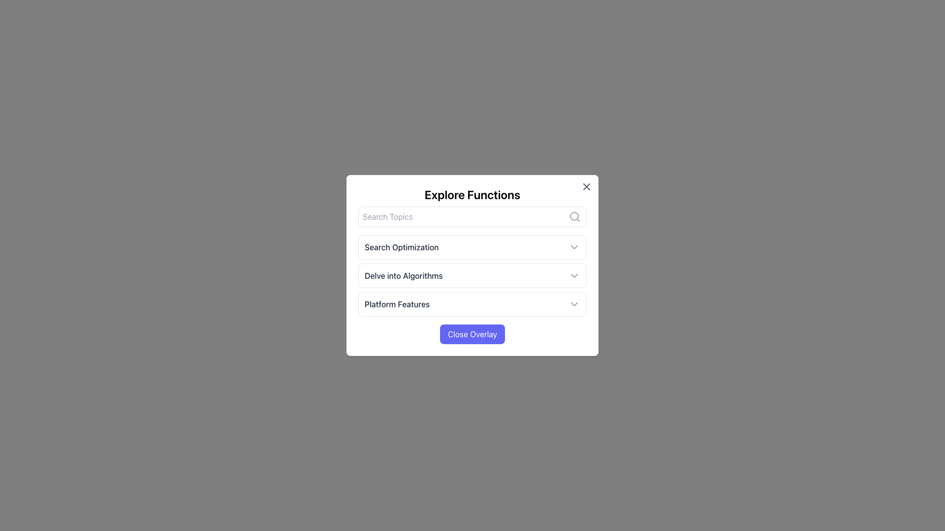 This screenshot has height=531, width=945. What do you see at coordinates (404, 275) in the screenshot?
I see `the Text Label that describes a menu item in the modal, positioned slightly to the left of an SVG chevron icon` at bounding box center [404, 275].